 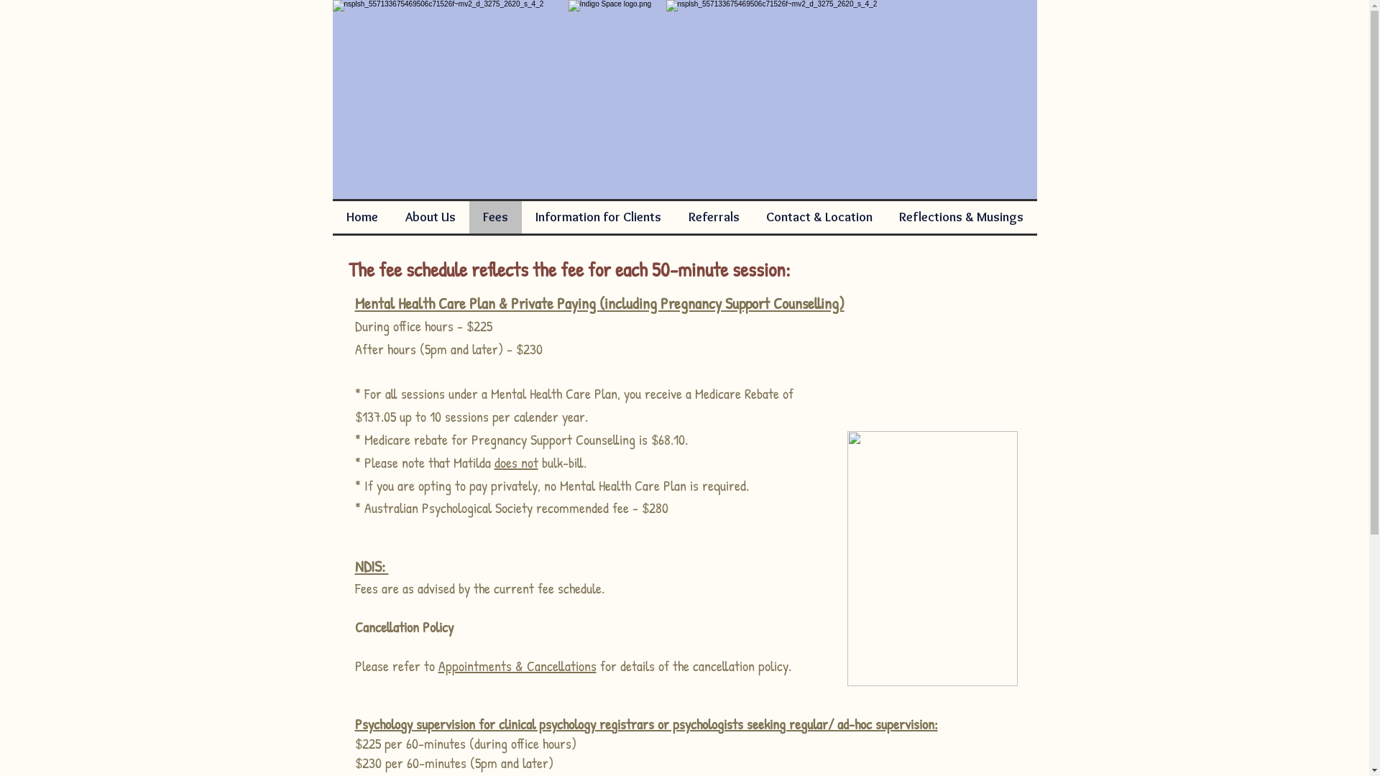 I want to click on 'Information for Clients', so click(x=520, y=217).